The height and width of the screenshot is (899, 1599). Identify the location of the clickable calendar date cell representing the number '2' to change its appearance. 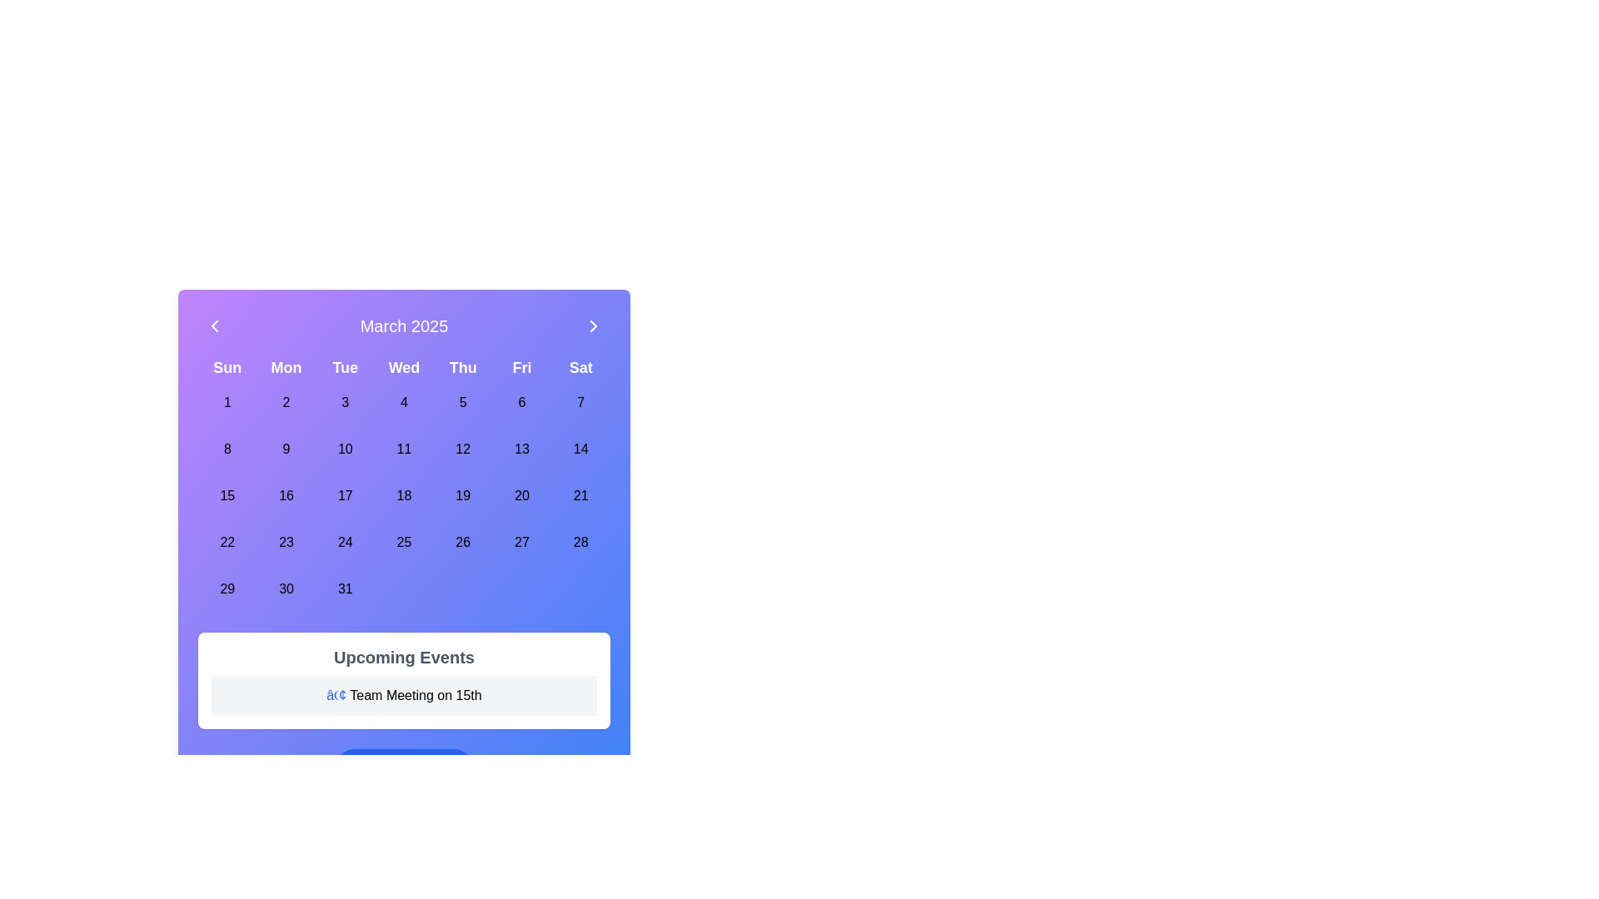
(286, 402).